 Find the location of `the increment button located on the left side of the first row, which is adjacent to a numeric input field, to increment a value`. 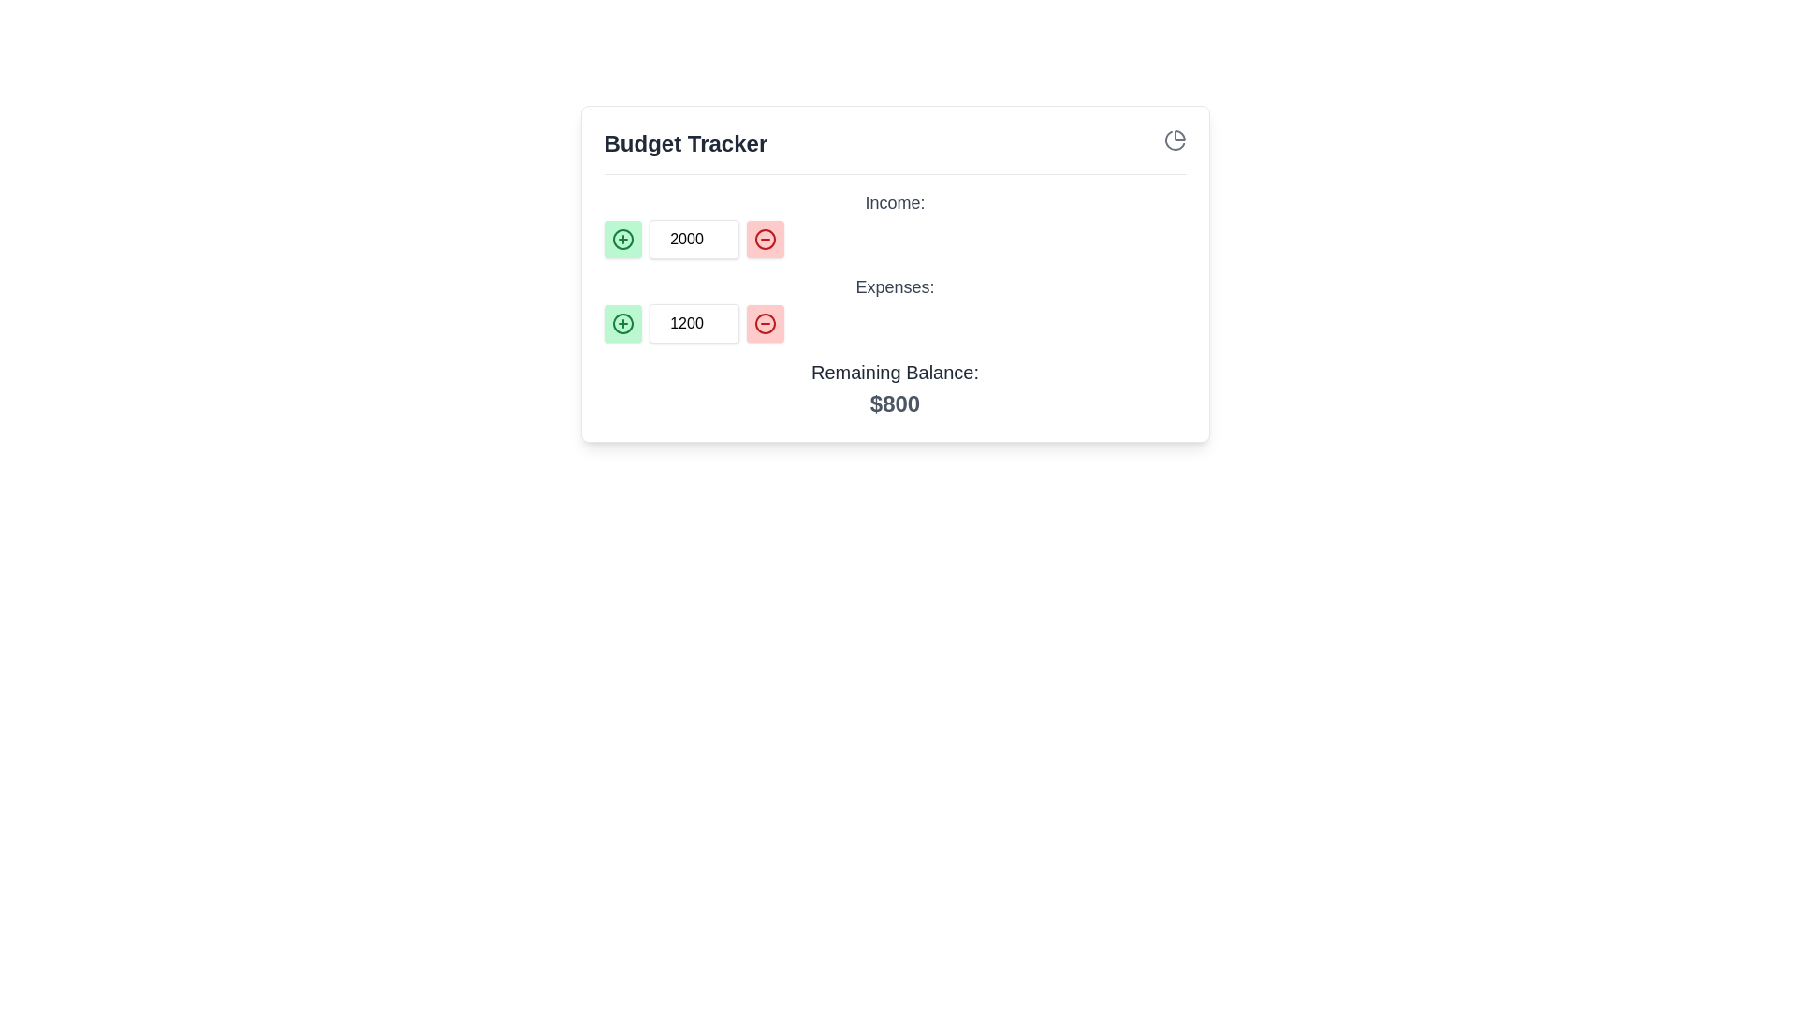

the increment button located on the left side of the first row, which is adjacent to a numeric input field, to increment a value is located at coordinates (622, 238).